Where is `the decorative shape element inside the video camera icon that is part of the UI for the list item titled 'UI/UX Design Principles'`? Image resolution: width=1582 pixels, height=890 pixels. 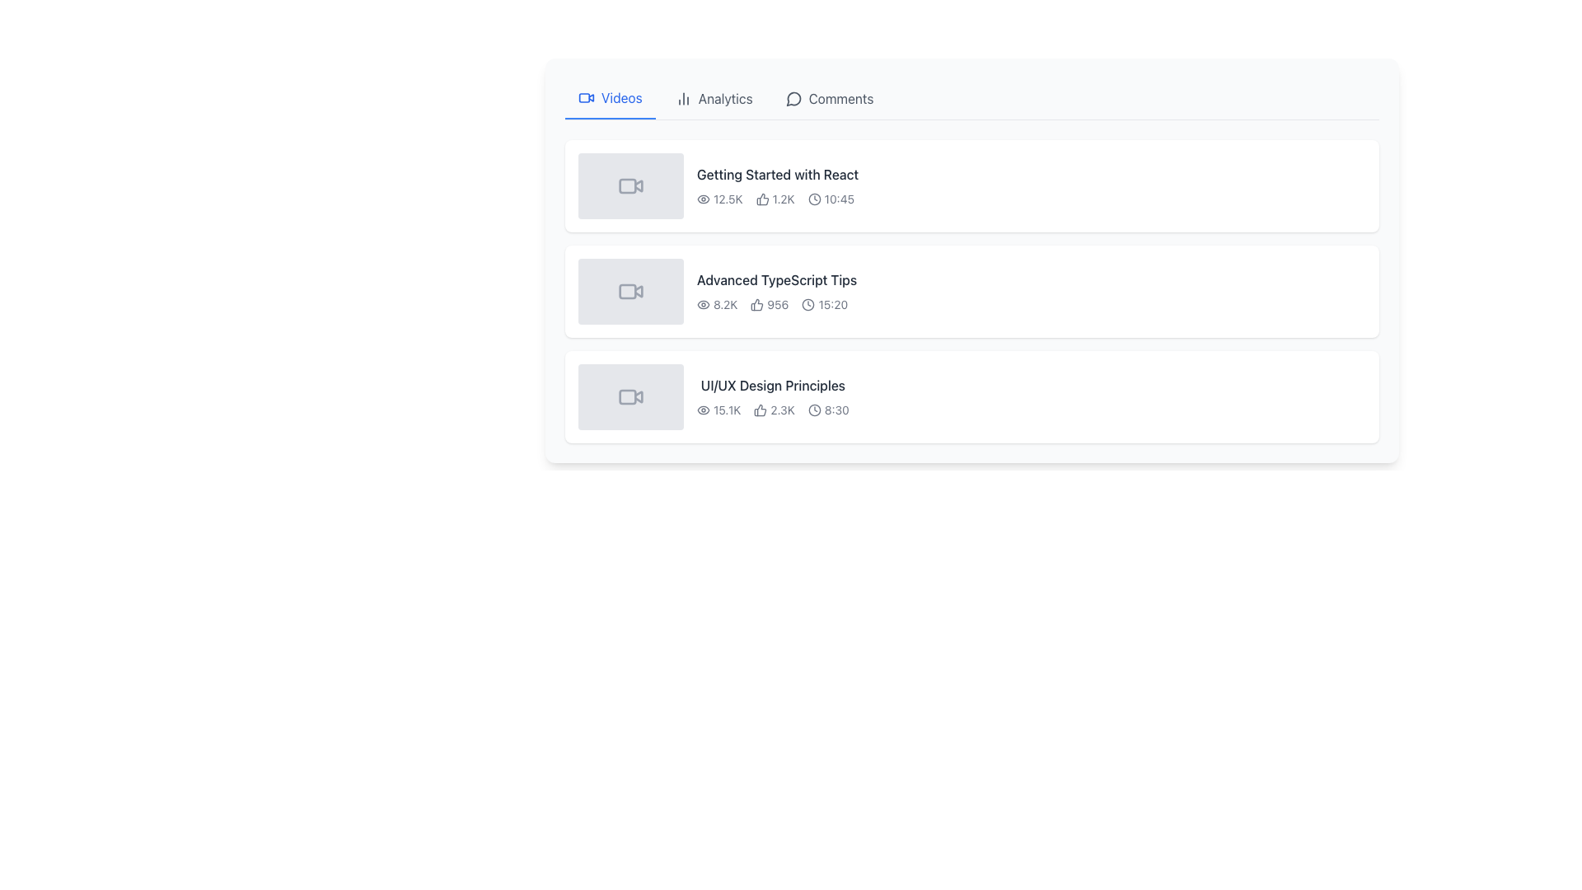 the decorative shape element inside the video camera icon that is part of the UI for the list item titled 'UI/UX Design Principles' is located at coordinates (627, 397).